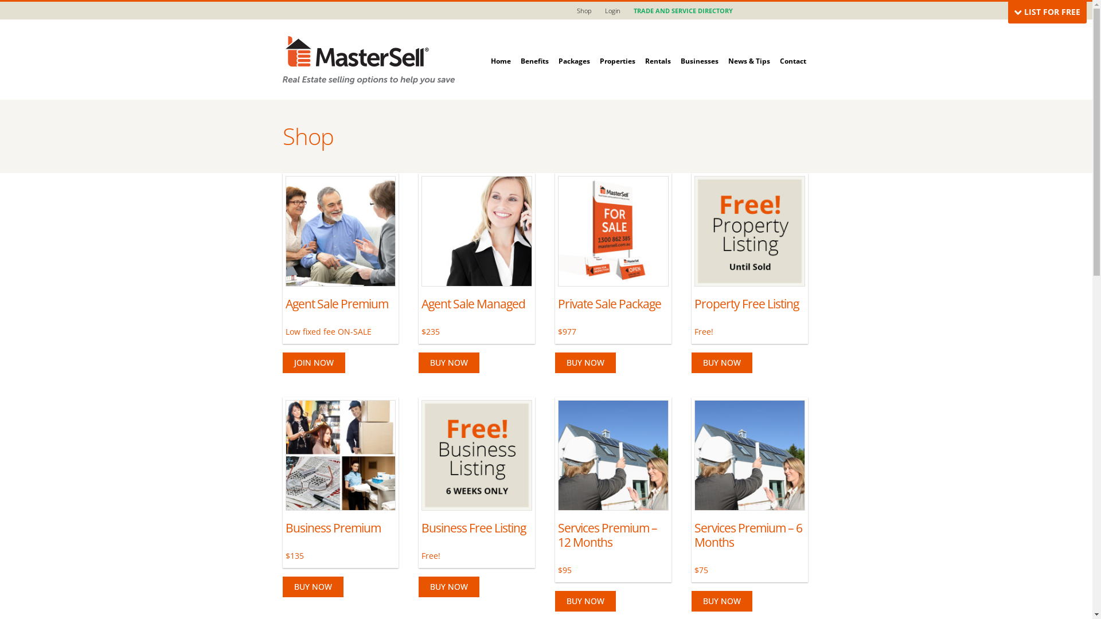 This screenshot has height=619, width=1101. Describe the element at coordinates (368, 59) in the screenshot. I see `'MasterSell'` at that location.